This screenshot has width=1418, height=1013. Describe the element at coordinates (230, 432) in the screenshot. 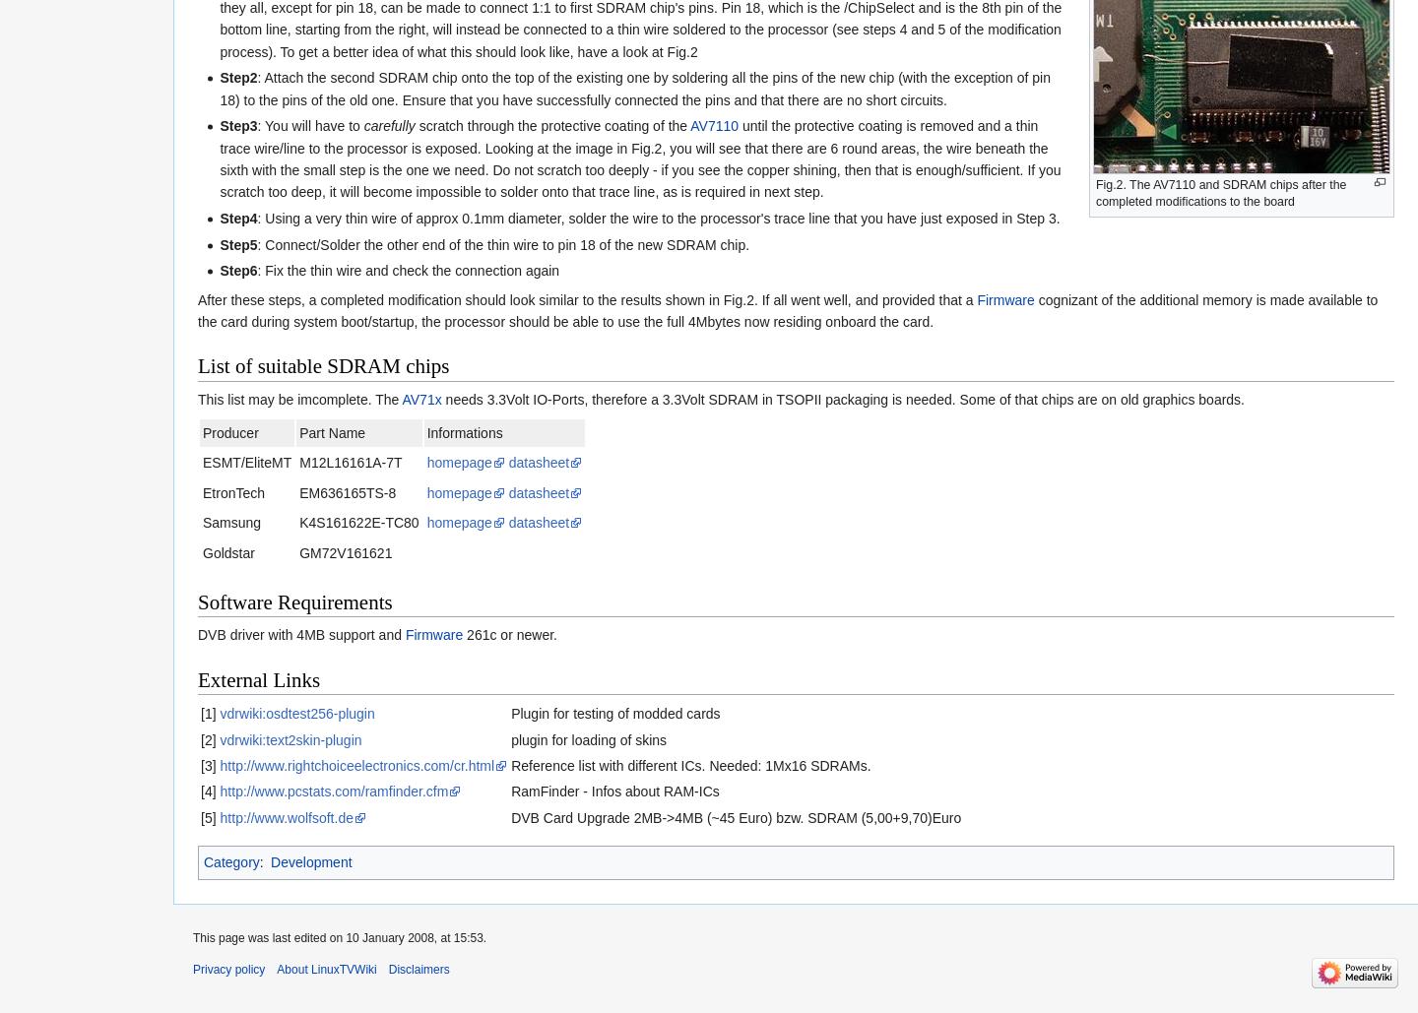

I see `'Producer'` at that location.